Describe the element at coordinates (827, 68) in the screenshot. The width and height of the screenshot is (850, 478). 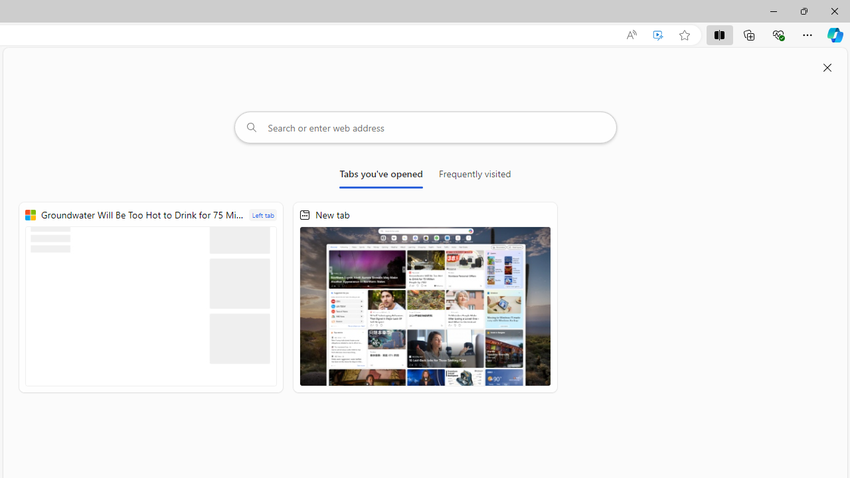
I see `'Close split screen'` at that location.